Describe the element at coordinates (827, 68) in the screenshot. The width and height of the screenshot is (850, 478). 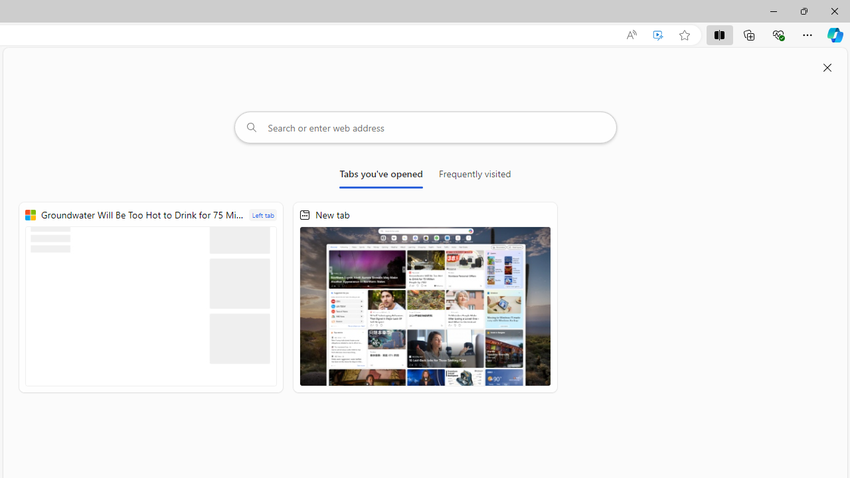
I see `'Close split screen'` at that location.